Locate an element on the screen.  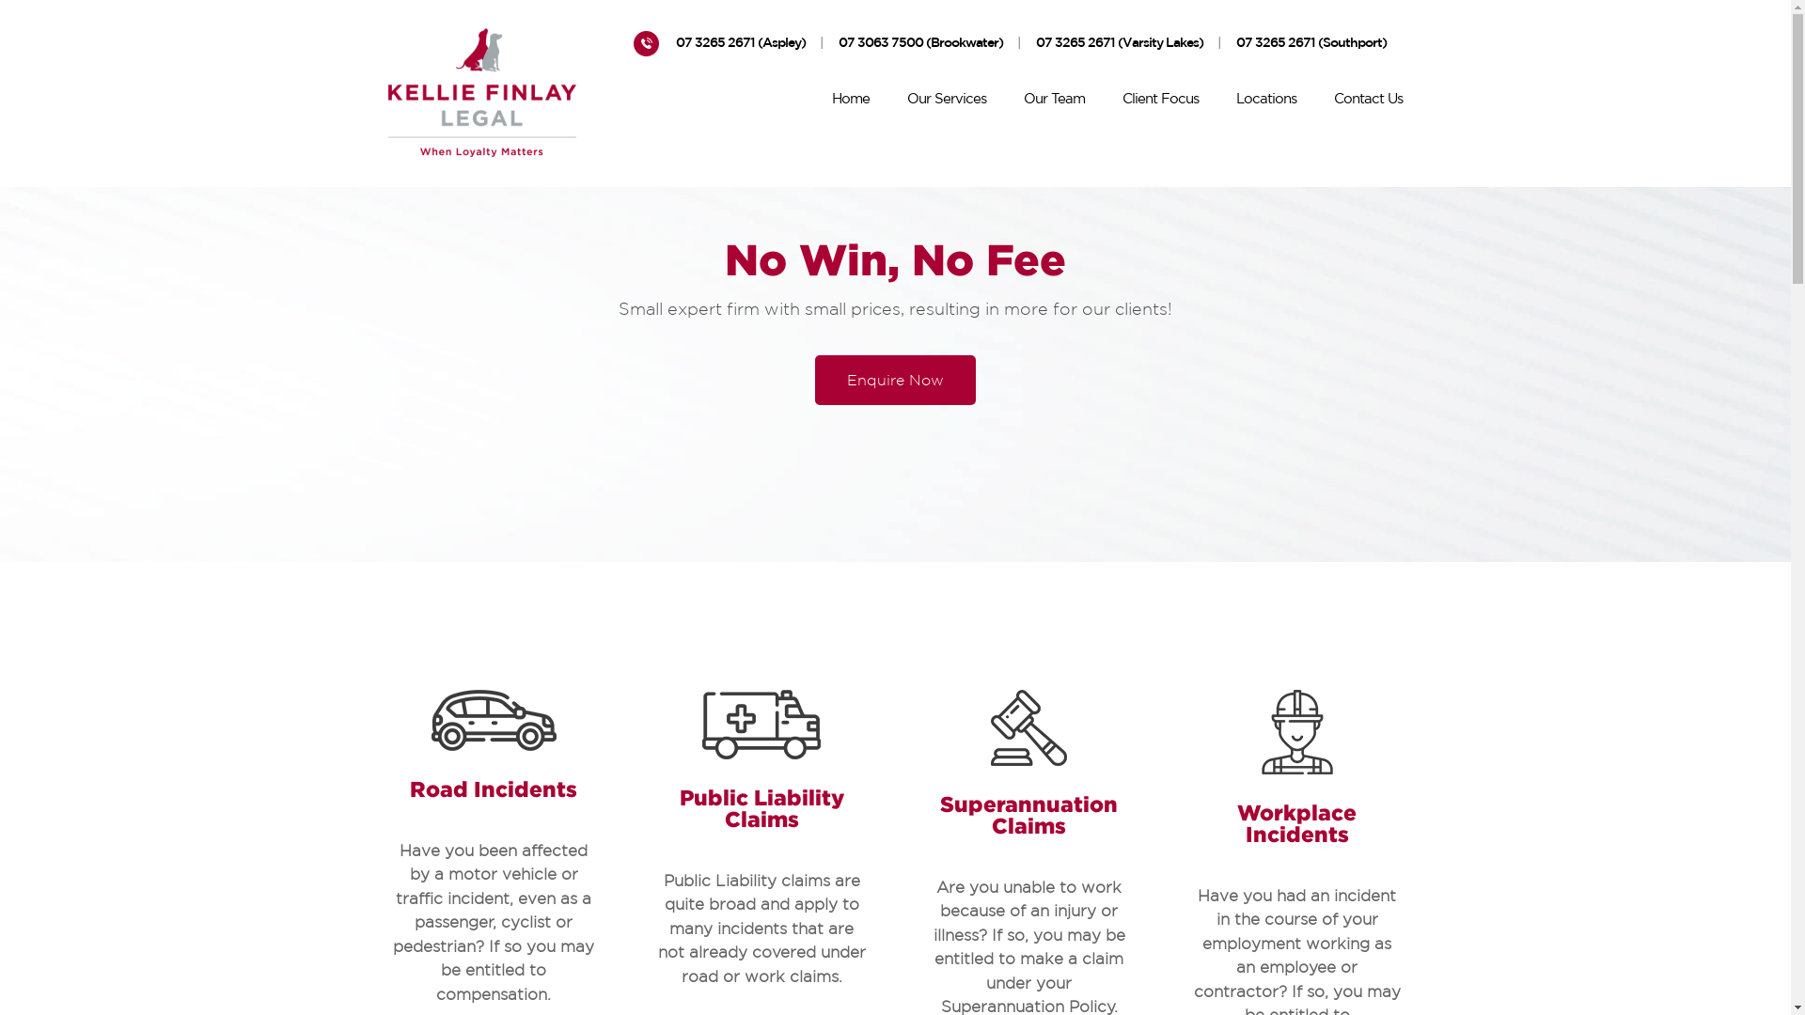
'Locations' is located at coordinates (1266, 101).